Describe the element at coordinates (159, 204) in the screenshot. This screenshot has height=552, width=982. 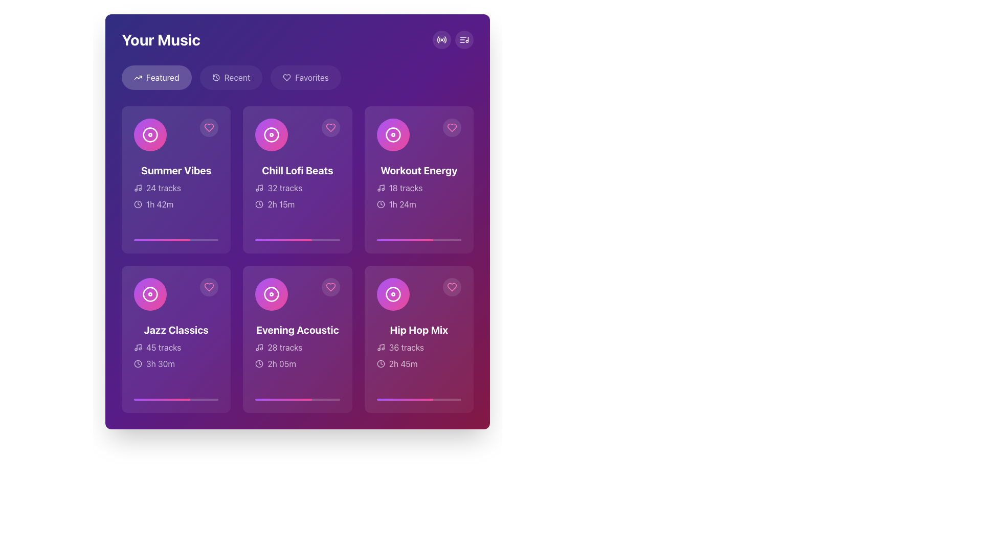
I see `the duration Label for the 'Summer Vibes' playlist, located in the first card under the 'Featured' music section, positioned above the progress bar and next to a clock-like icon` at that location.